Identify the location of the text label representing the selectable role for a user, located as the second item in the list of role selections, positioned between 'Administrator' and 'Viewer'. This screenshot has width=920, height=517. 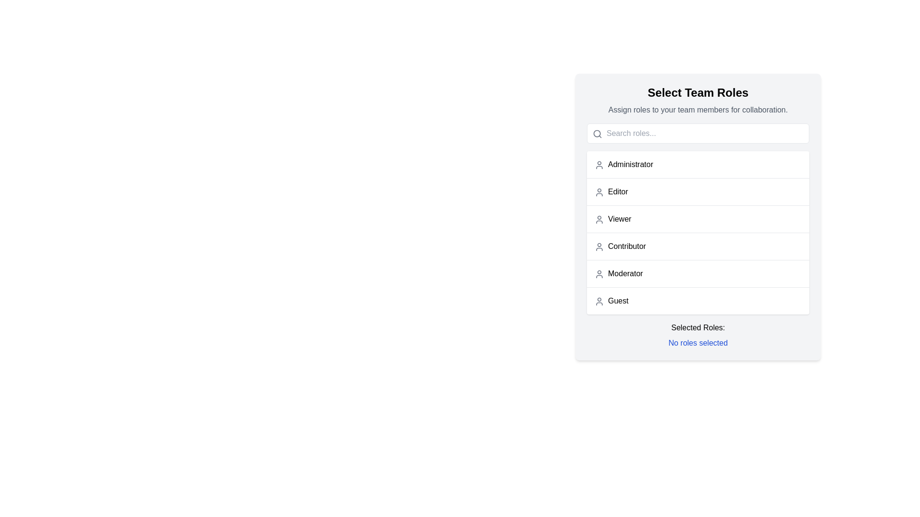
(610, 192).